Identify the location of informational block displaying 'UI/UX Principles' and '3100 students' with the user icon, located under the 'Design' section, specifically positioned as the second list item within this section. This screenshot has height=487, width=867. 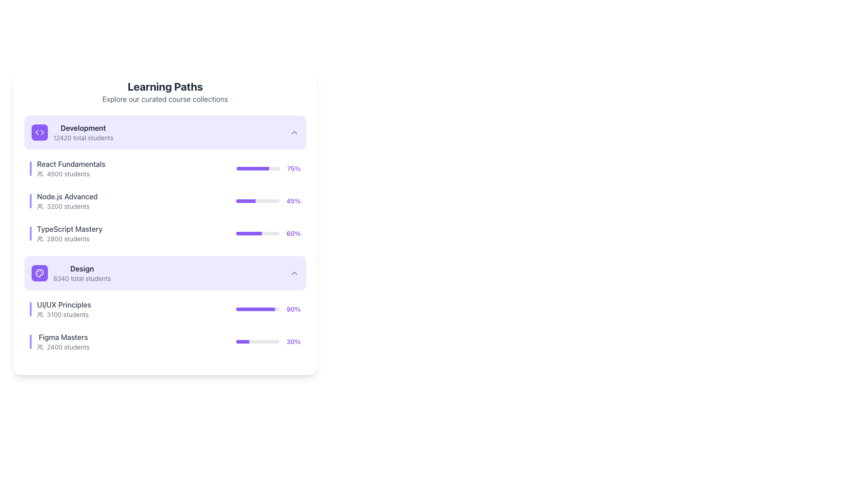
(63, 309).